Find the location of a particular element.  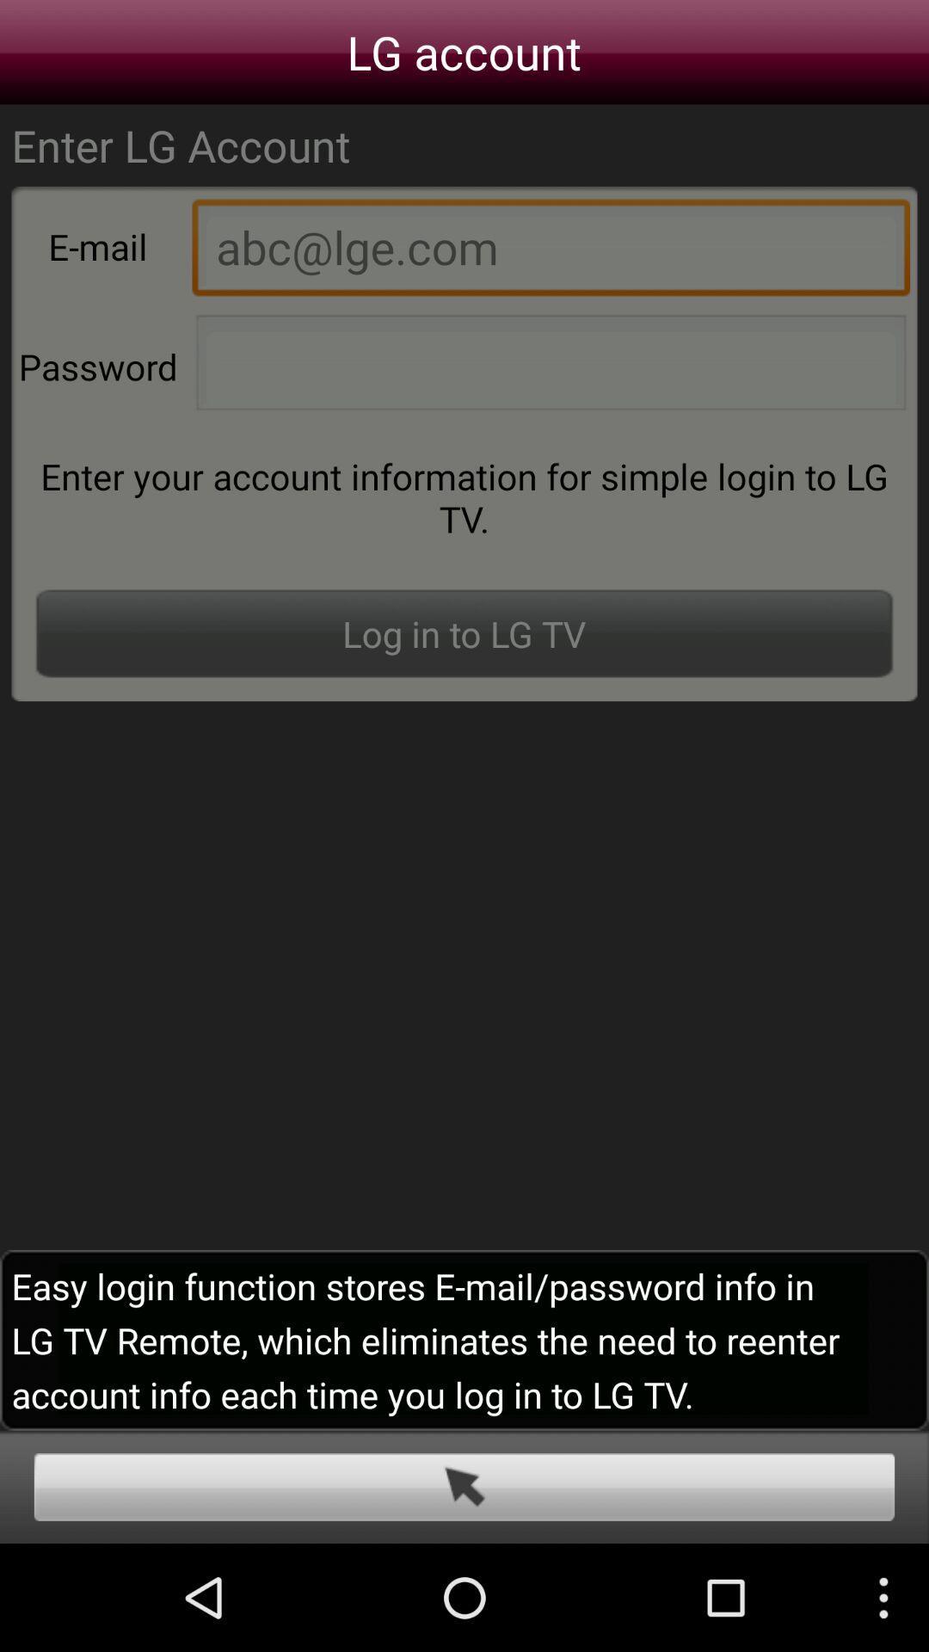

the field which is next to password is located at coordinates (551, 367).